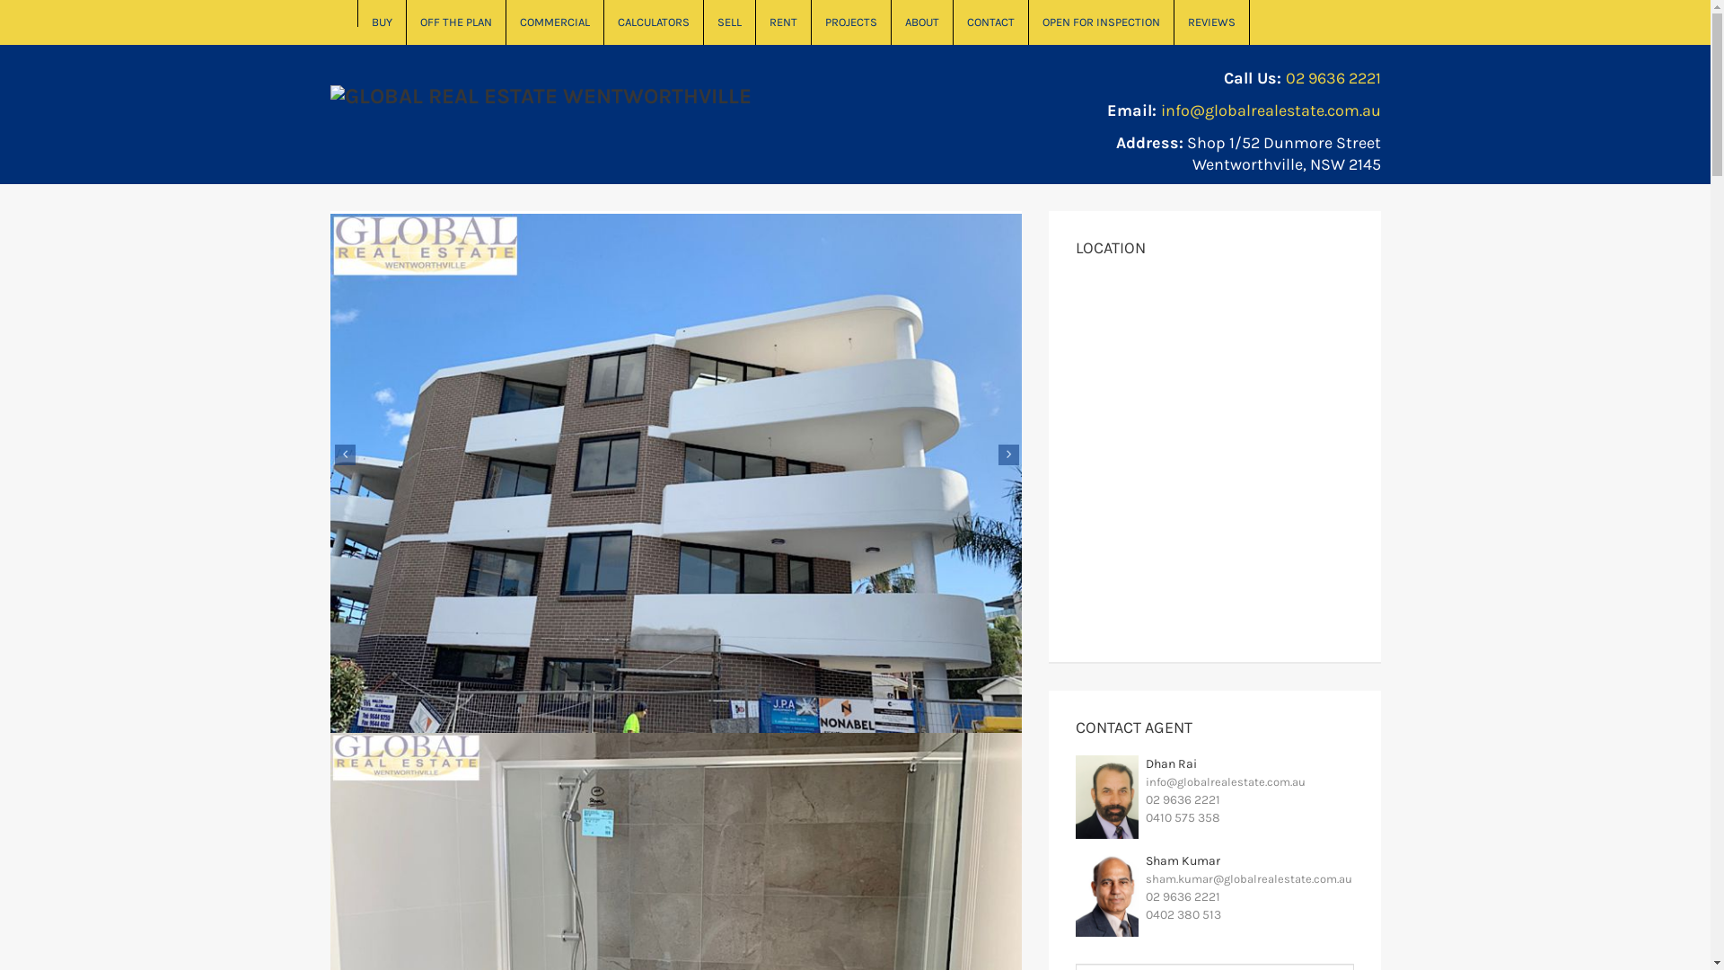 Image resolution: width=1724 pixels, height=970 pixels. I want to click on 'RENT', so click(784, 22).